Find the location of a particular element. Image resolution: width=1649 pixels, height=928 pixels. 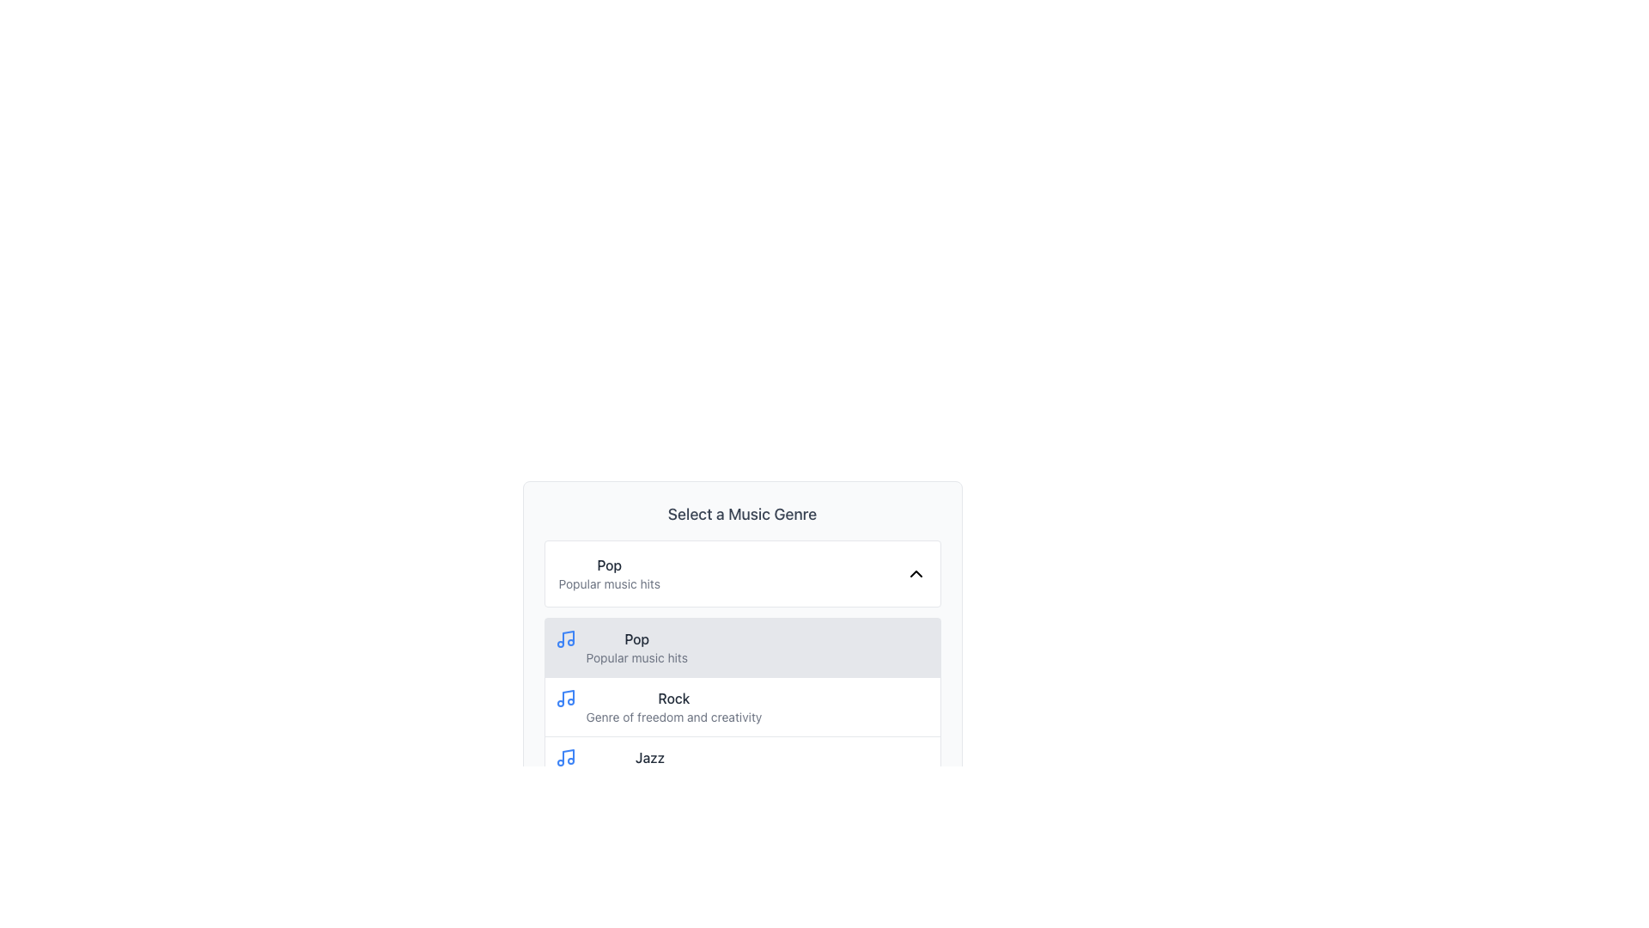

the blue double-note musical icon located to the left of the 'Jazz' text in the list item labeled 'JazzEase into smooth vibes' is located at coordinates (565, 757).